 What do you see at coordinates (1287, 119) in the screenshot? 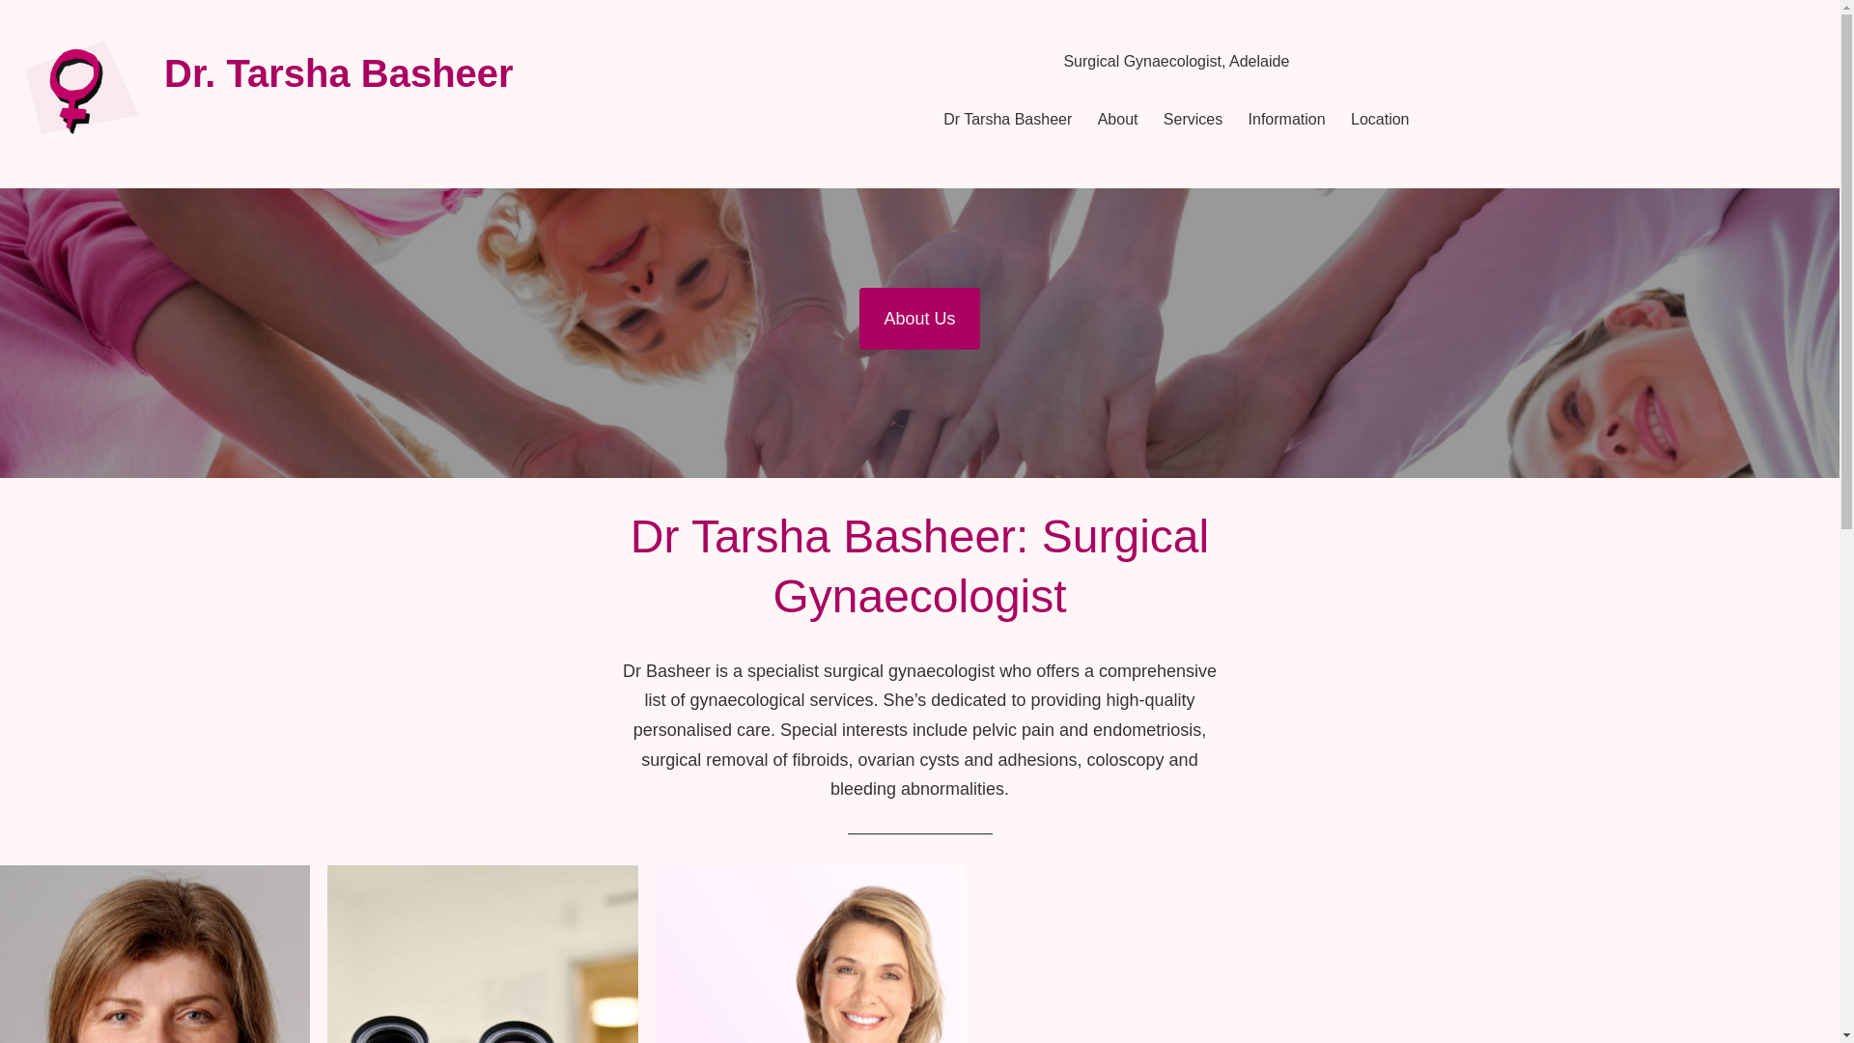
I see `'Information'` at bounding box center [1287, 119].